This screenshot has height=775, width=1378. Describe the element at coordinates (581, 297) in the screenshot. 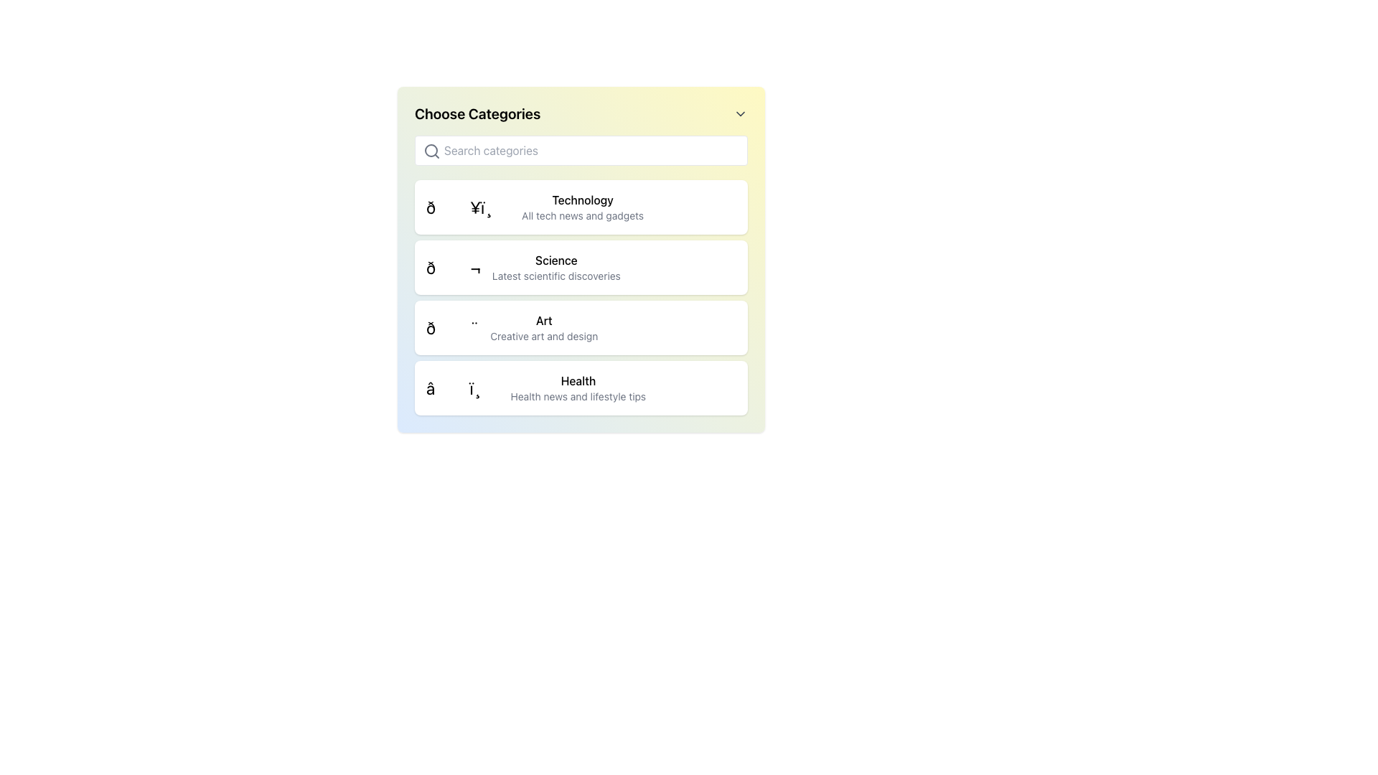

I see `the 'Art' category button located in the 'Choose Categories' list, which is positioned between the 'Science' and 'Health' sections` at that location.